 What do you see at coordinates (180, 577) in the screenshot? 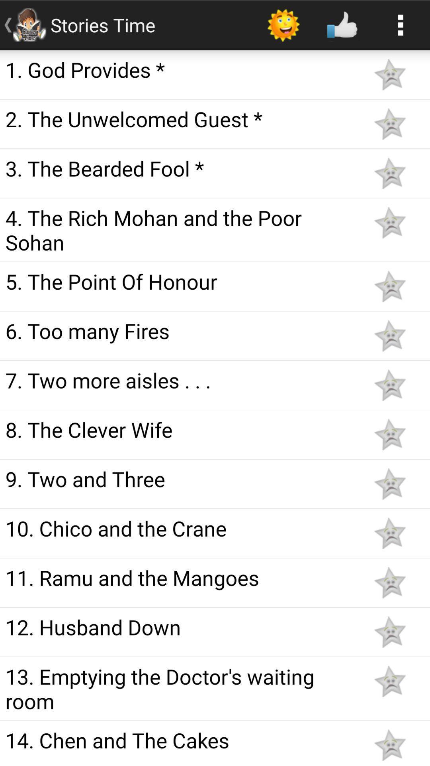
I see `the 11 ramu and app` at bounding box center [180, 577].